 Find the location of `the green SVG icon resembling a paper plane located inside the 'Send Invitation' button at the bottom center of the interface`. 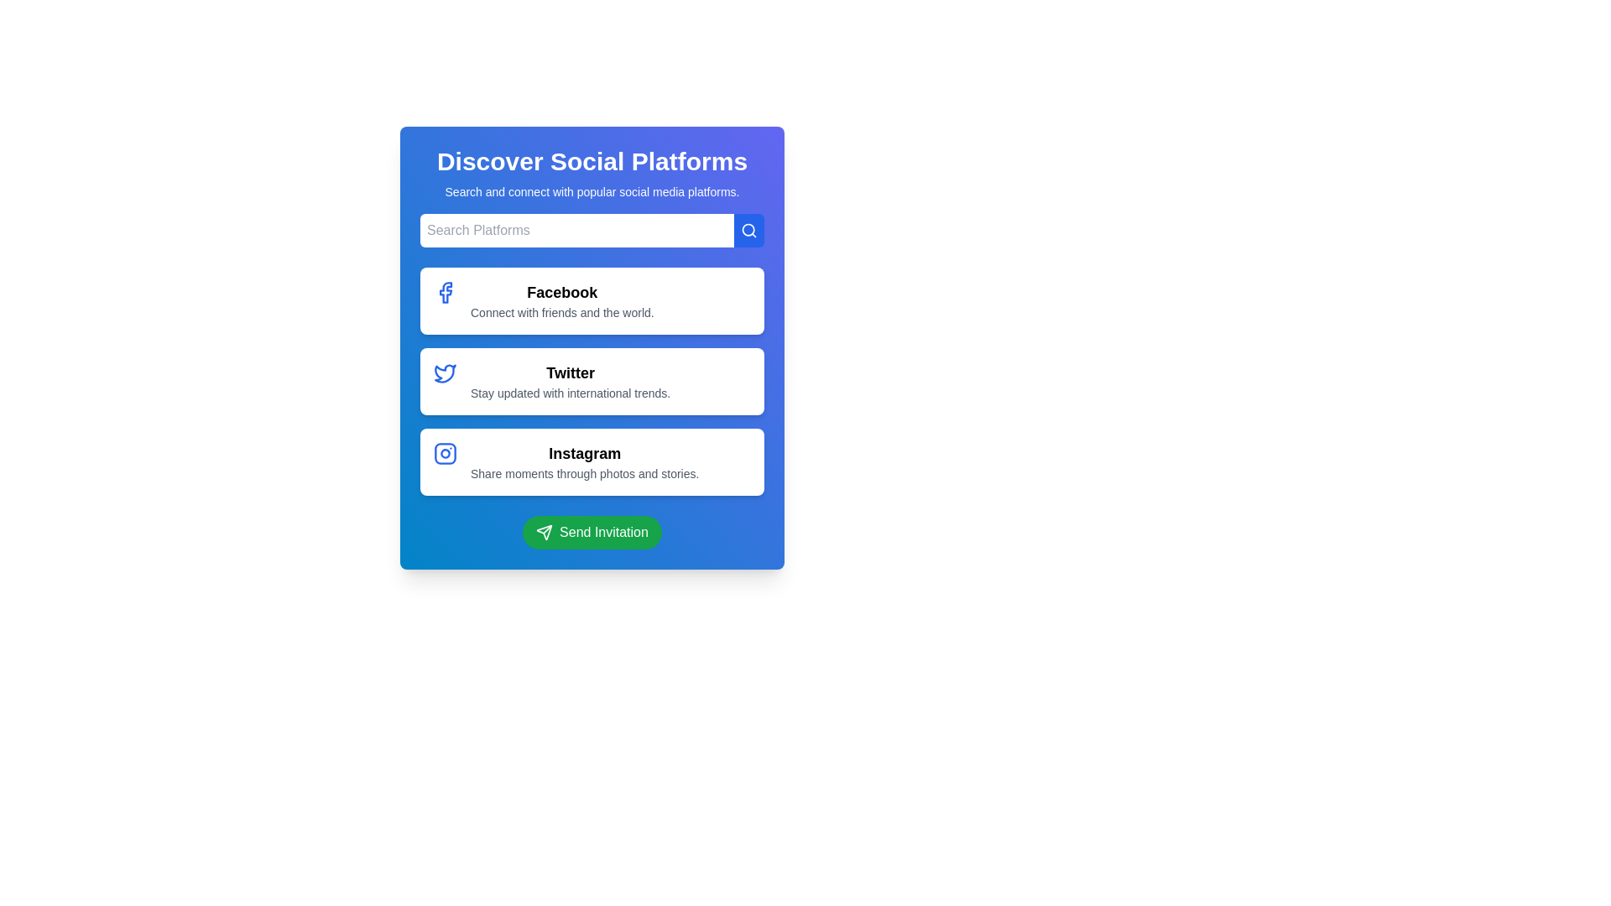

the green SVG icon resembling a paper plane located inside the 'Send Invitation' button at the bottom center of the interface is located at coordinates (545, 533).